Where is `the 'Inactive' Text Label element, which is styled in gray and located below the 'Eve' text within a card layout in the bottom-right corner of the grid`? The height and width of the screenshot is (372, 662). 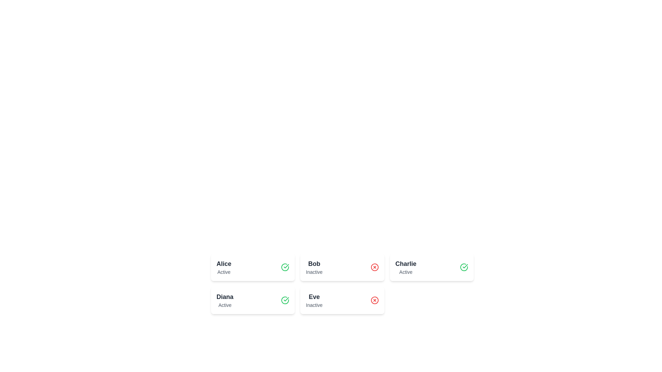
the 'Inactive' Text Label element, which is styled in gray and located below the 'Eve' text within a card layout in the bottom-right corner of the grid is located at coordinates (314, 305).